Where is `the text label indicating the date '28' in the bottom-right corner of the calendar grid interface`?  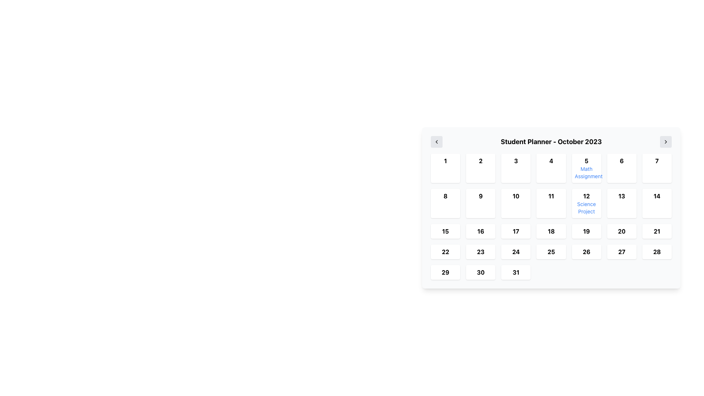 the text label indicating the date '28' in the bottom-right corner of the calendar grid interface is located at coordinates (657, 251).